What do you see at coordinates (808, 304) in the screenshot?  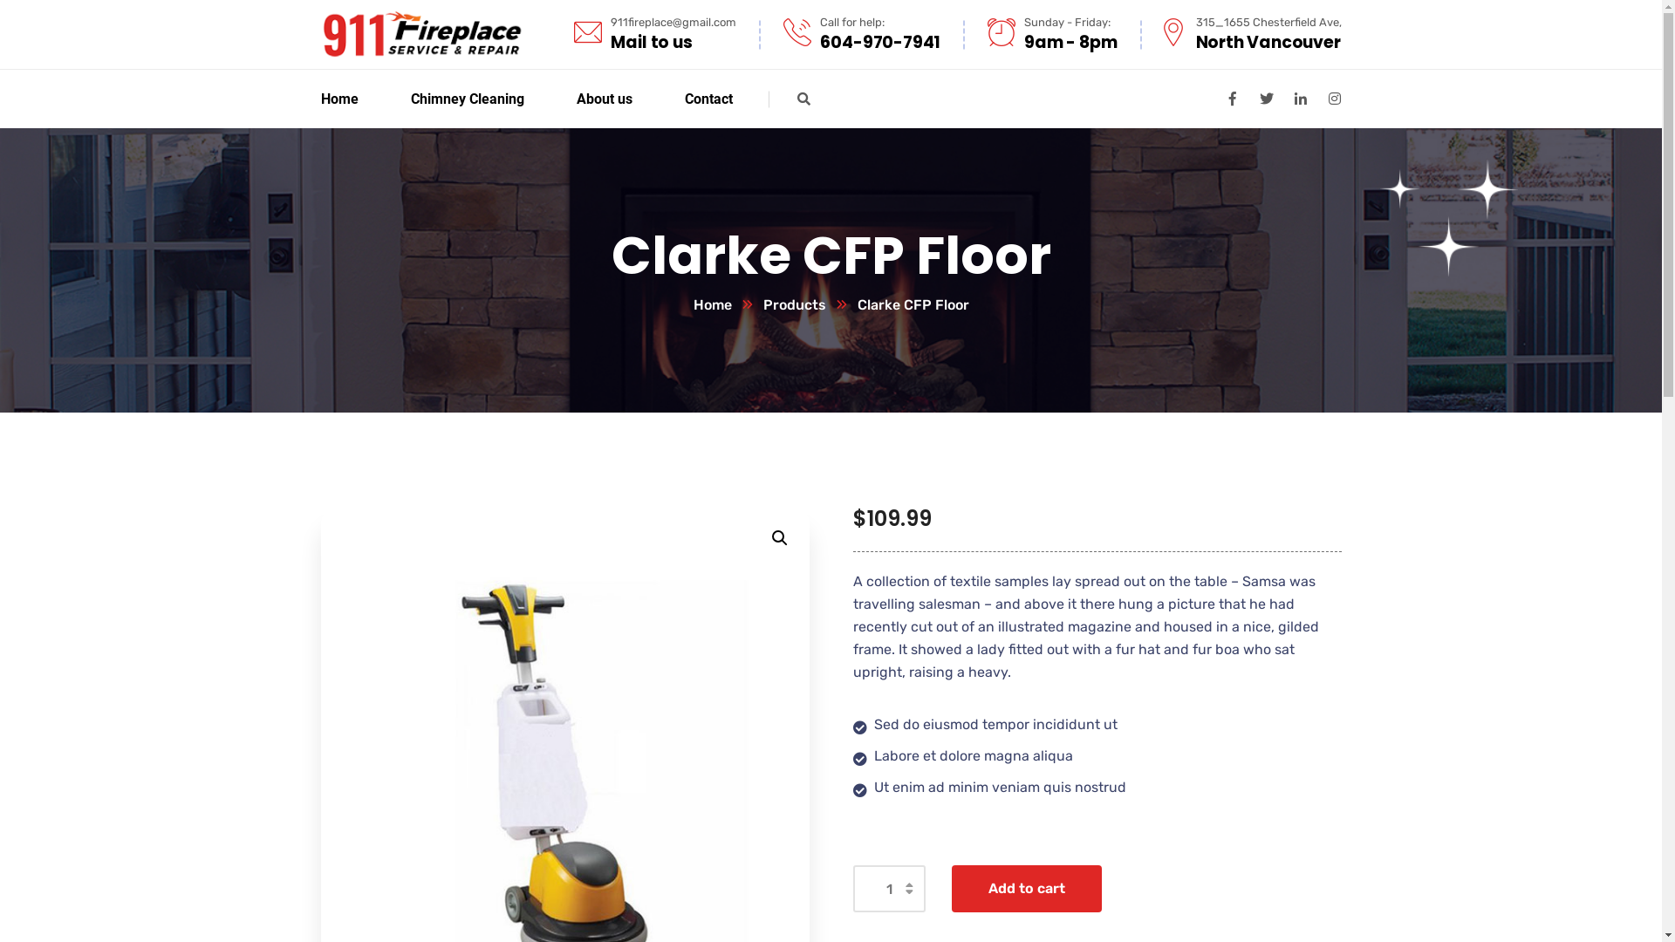 I see `'Products'` at bounding box center [808, 304].